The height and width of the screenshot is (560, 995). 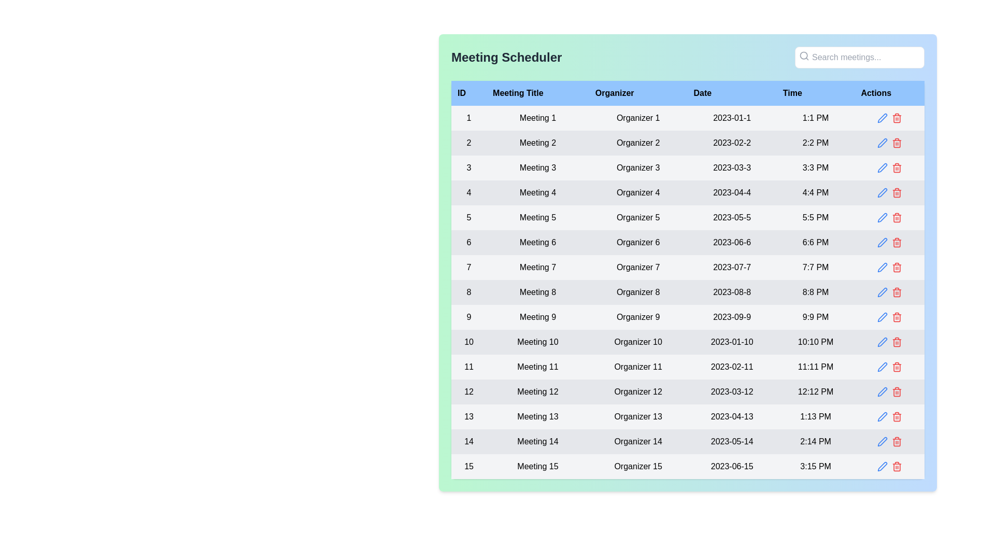 What do you see at coordinates (815, 367) in the screenshot?
I see `the Text Label in the 'Time' column of the eleventh row, which represents the scheduled time for 'Meeting 11' on '2023-02-11' organized by 'Organizer 11'` at bounding box center [815, 367].